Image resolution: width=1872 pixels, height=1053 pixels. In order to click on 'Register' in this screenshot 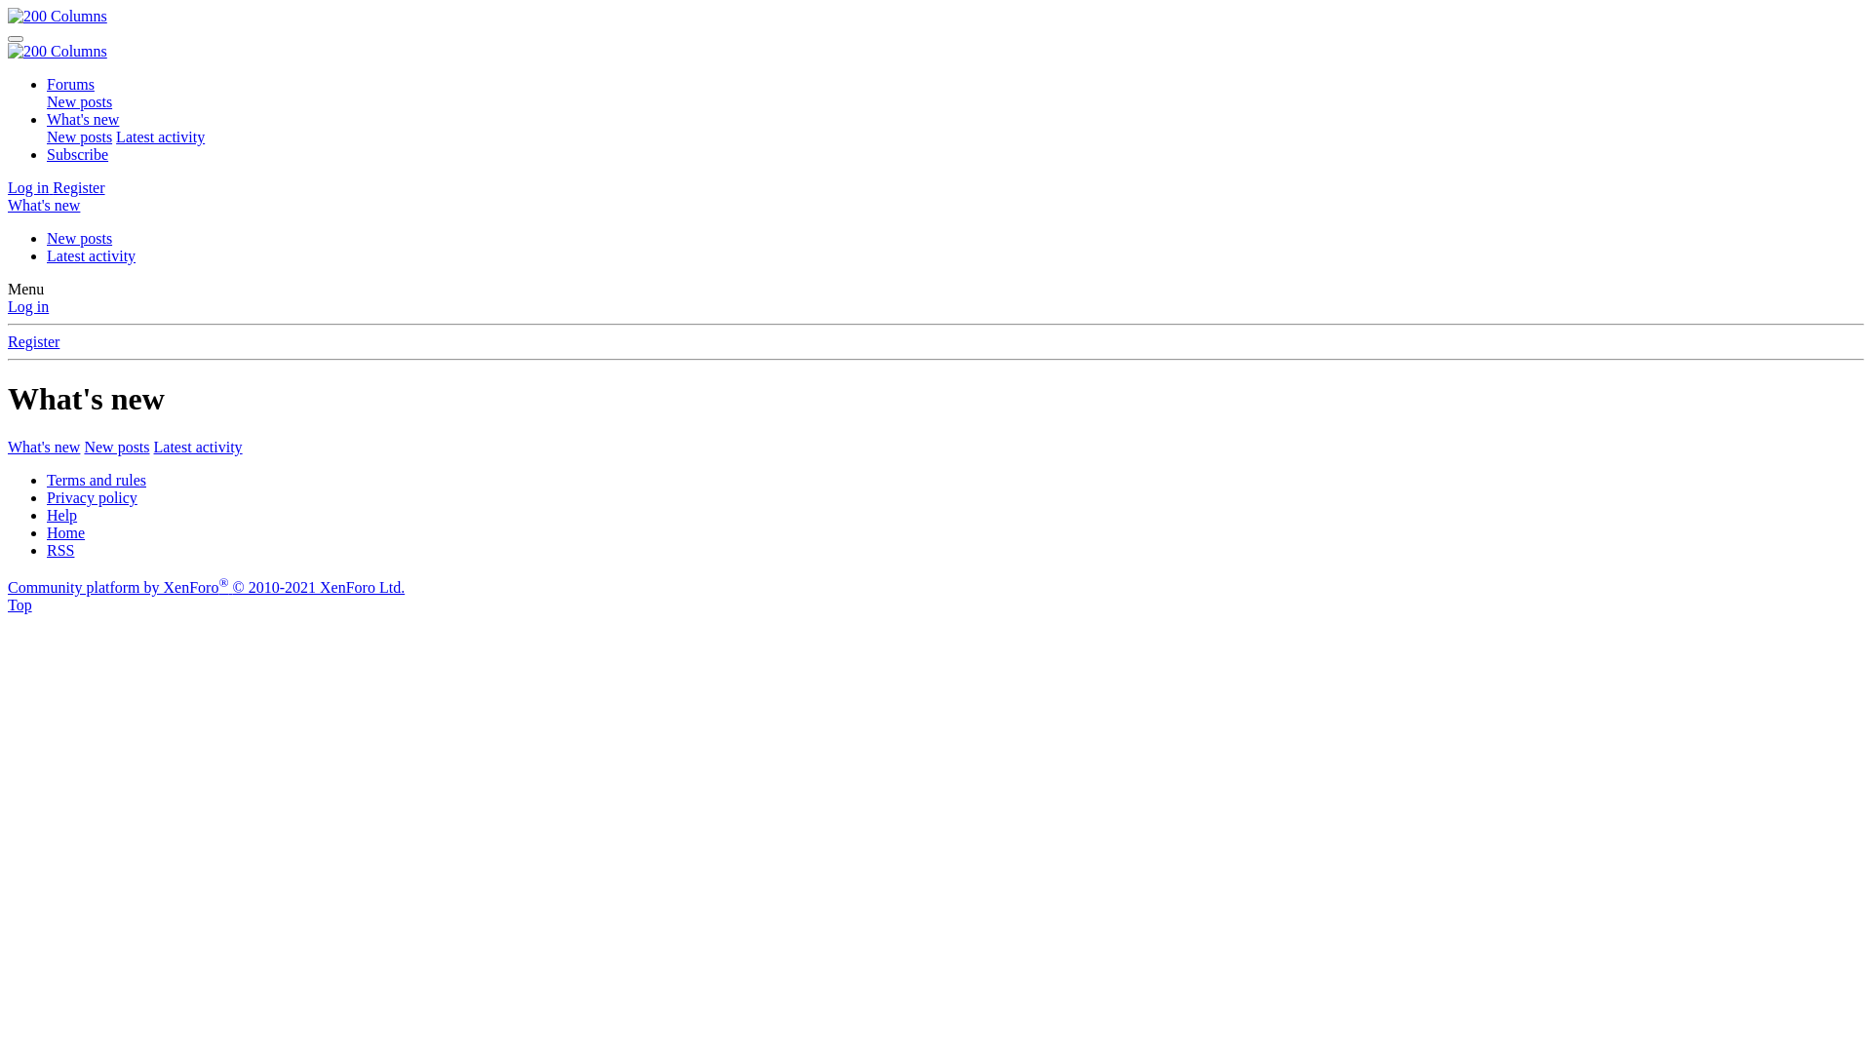, I will do `click(52, 187)`.